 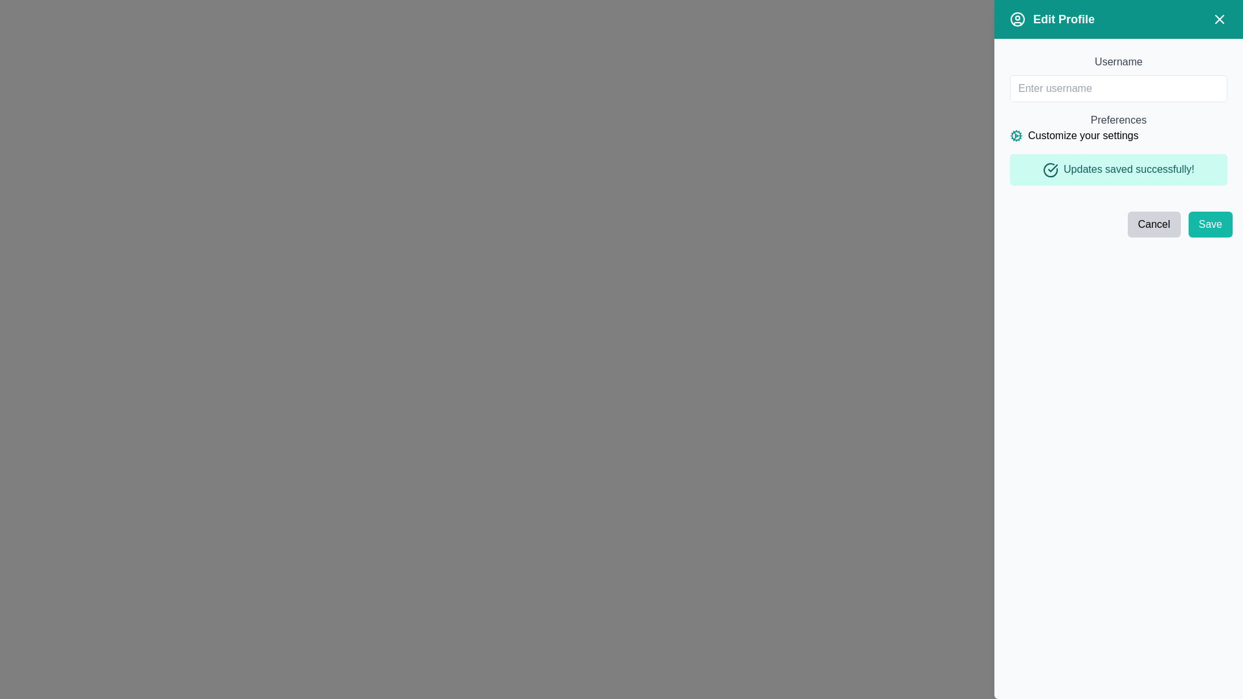 What do you see at coordinates (1218, 19) in the screenshot?
I see `the diagonal cross icon in the top-right corner of the sidebar interface` at bounding box center [1218, 19].